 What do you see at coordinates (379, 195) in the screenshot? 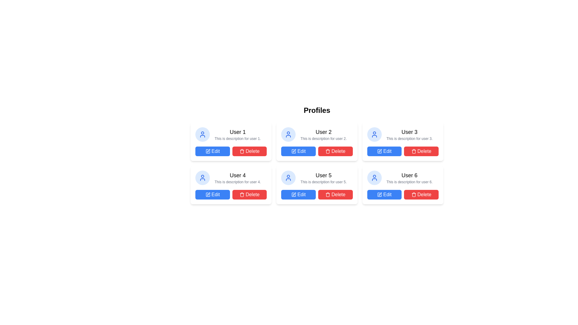
I see `the pen icon within the square that represents the edit functionality for 'User 6' in the Profiles section` at bounding box center [379, 195].